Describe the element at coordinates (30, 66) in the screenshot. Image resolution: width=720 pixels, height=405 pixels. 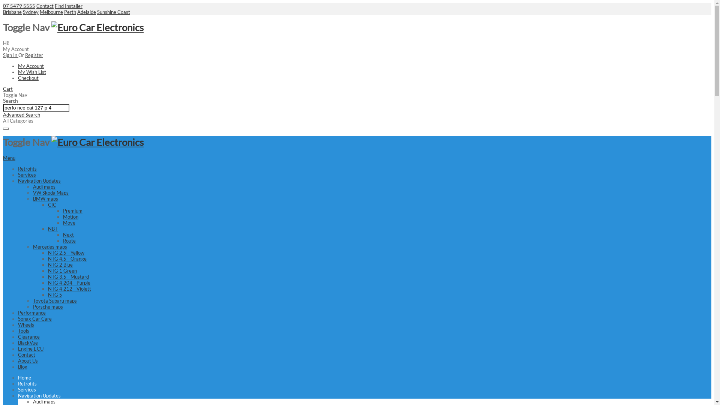
I see `'My Account'` at that location.